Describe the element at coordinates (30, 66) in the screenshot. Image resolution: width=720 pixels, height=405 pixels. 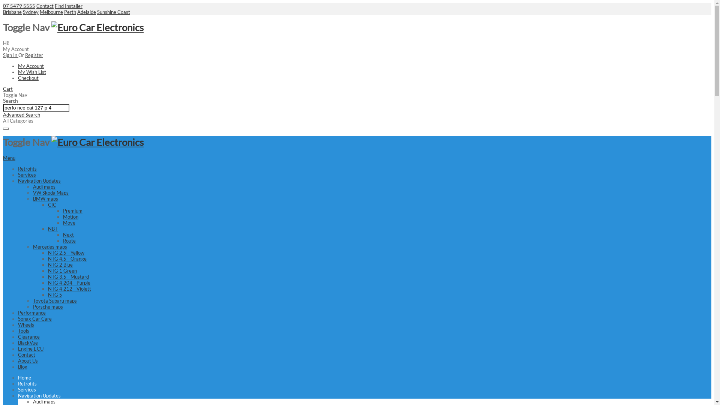
I see `'My Account'` at that location.